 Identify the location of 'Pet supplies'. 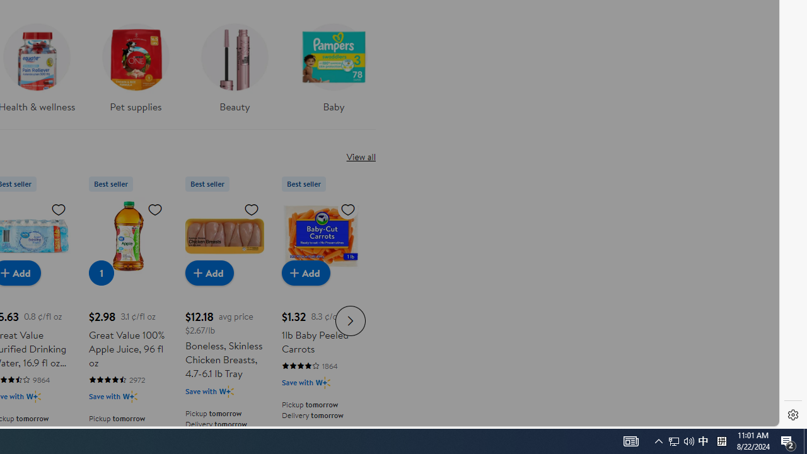
(136, 64).